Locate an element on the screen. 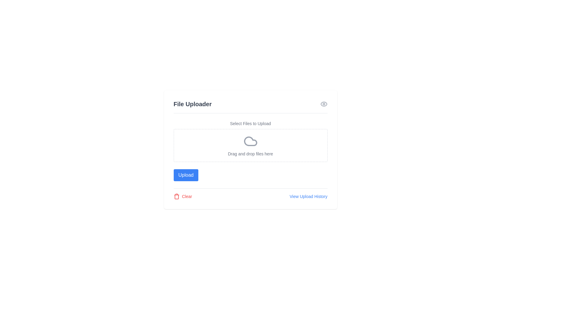 This screenshot has height=324, width=577. the text element that says 'Drag and drop files here', which is styled in a smaller gray font and is located below the cloud icon in the file upload zone is located at coordinates (250, 154).